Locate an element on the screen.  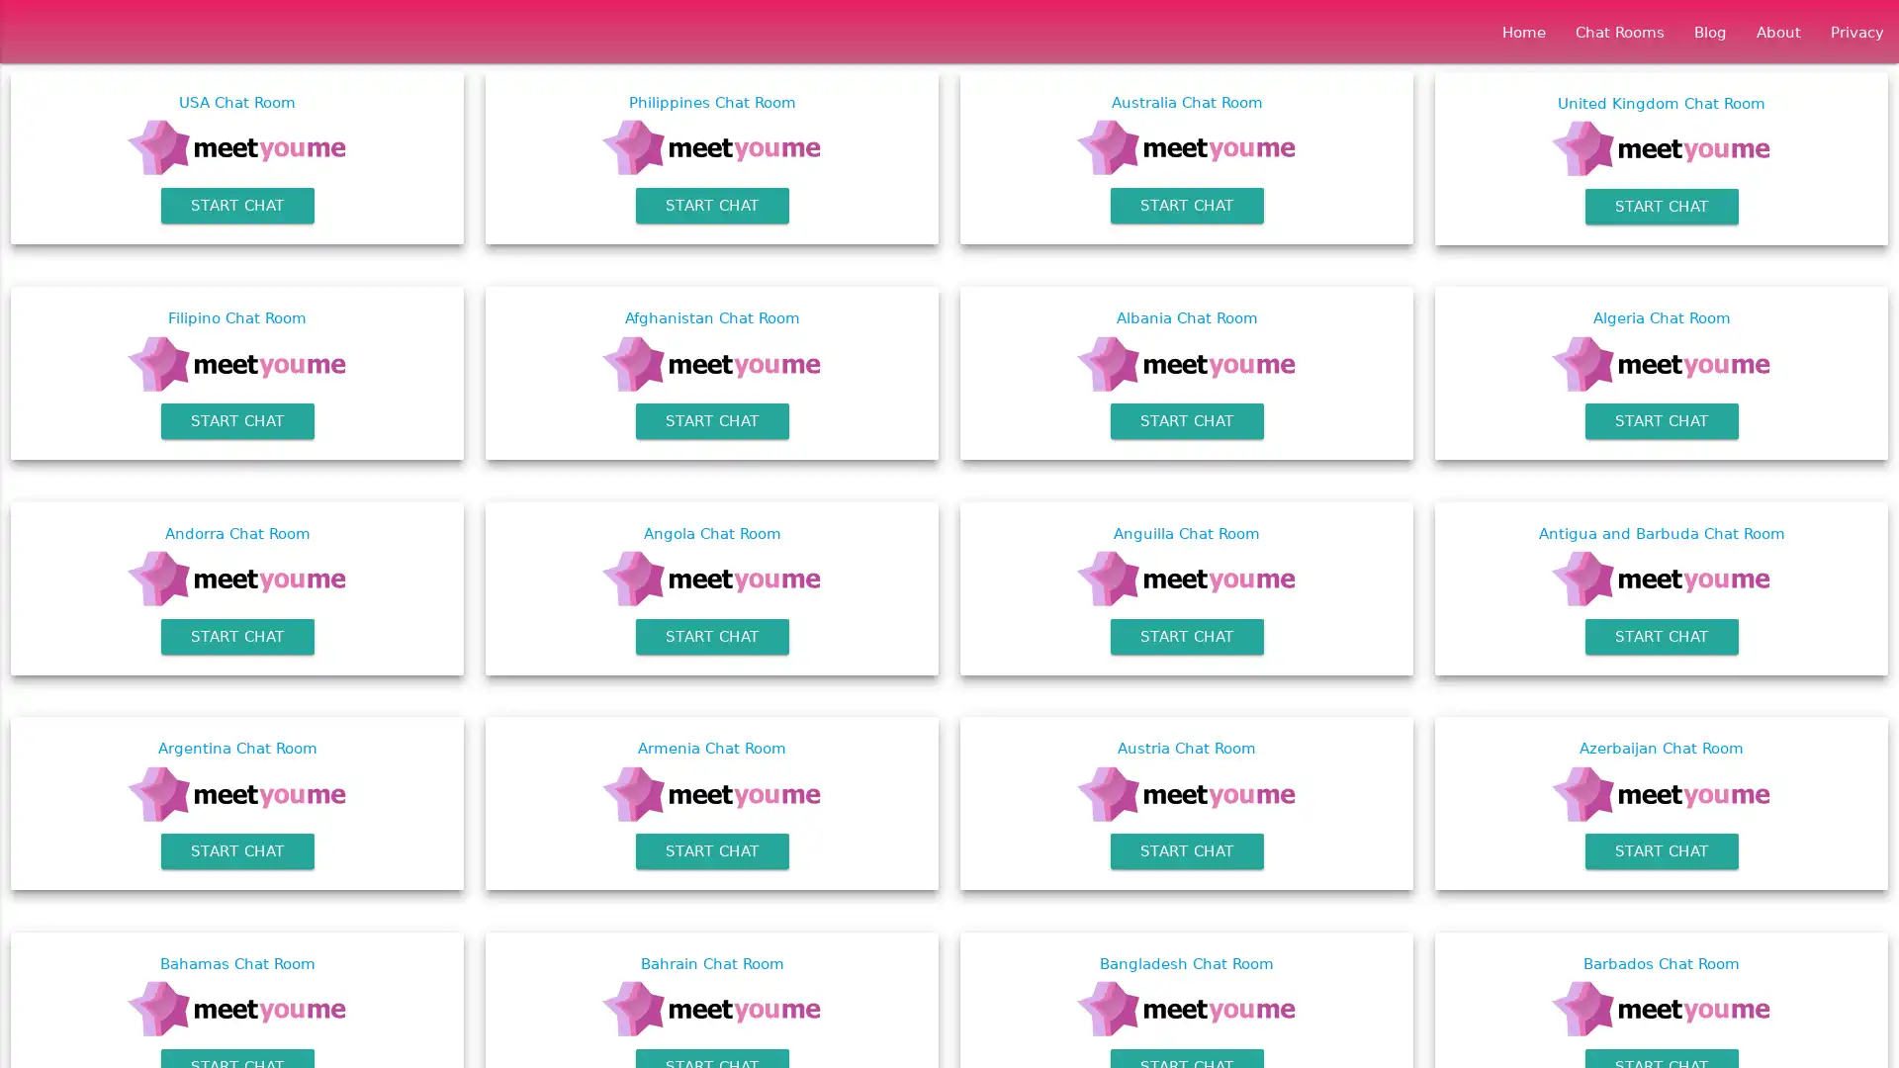
START CHAT is located at coordinates (236, 419).